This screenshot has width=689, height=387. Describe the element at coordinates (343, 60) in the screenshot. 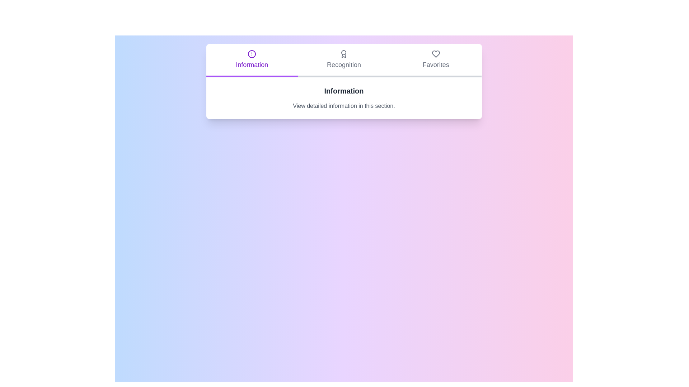

I see `the Recognition tab to observe the hover effect` at that location.